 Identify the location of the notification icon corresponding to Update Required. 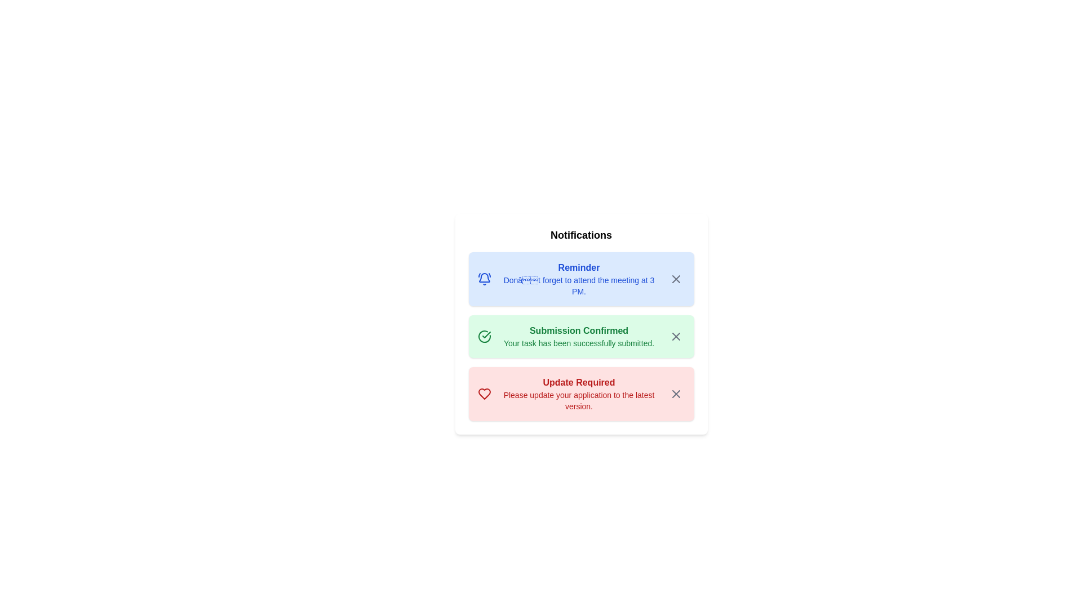
(667, 384).